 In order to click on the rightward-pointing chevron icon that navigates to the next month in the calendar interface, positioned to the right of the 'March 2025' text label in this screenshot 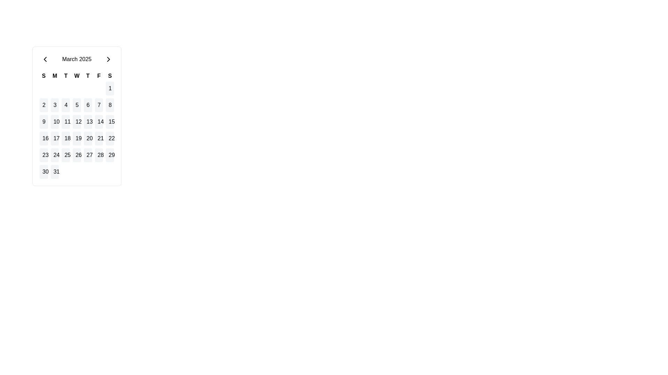, I will do `click(108, 59)`.